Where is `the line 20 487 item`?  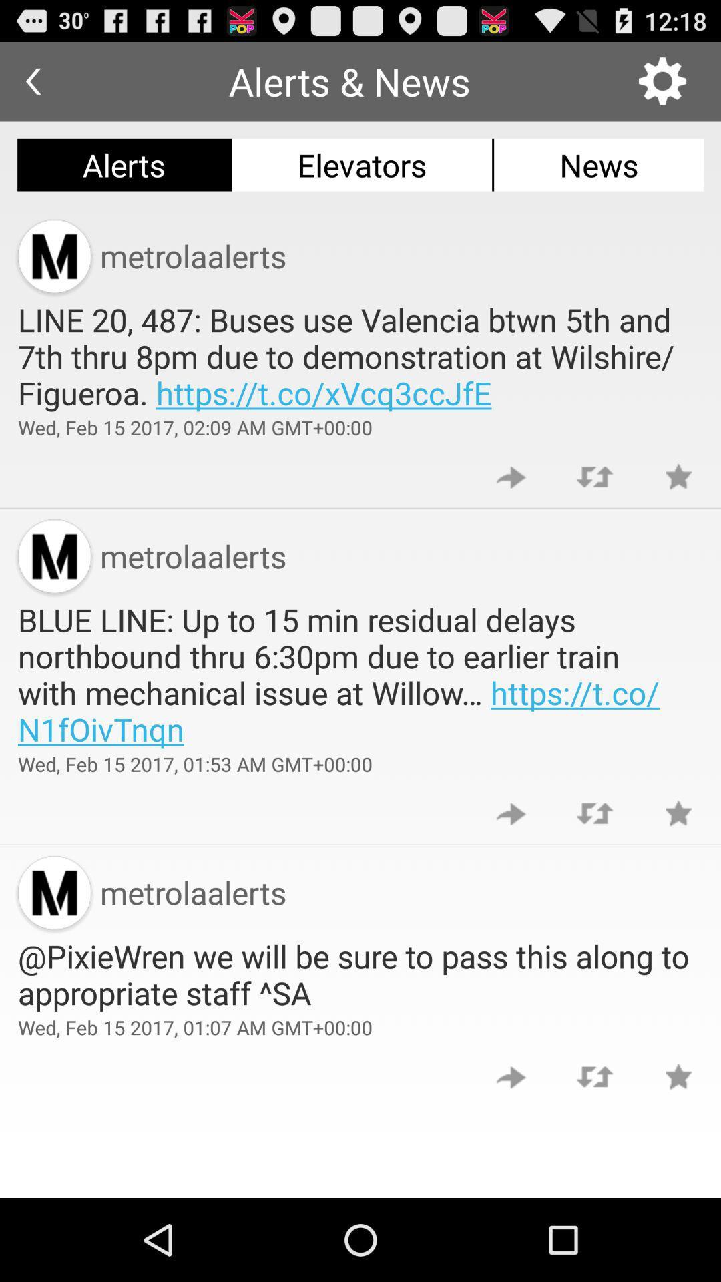
the line 20 487 item is located at coordinates (360, 356).